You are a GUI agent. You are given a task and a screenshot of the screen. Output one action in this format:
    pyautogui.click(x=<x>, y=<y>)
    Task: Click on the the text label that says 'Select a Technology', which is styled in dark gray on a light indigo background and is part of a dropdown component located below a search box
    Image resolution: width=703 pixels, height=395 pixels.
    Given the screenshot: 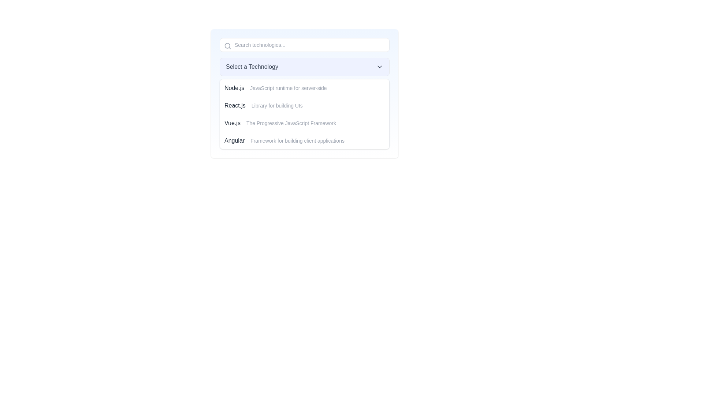 What is the action you would take?
    pyautogui.click(x=252, y=67)
    